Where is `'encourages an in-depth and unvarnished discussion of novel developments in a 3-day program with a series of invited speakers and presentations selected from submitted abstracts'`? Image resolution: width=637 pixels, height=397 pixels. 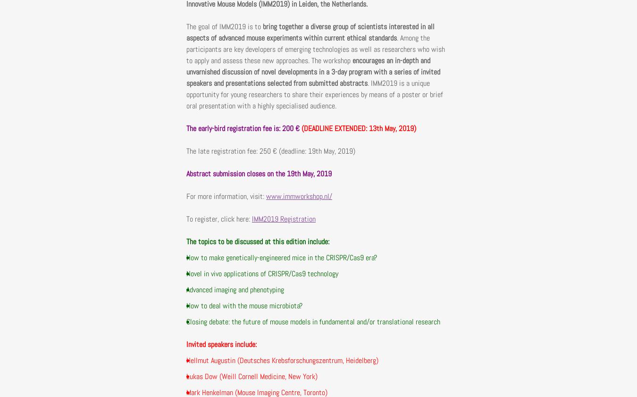 'encourages an in-depth and unvarnished discussion of novel developments in a 3-day program with a series of invited speakers and presentations selected from submitted abstracts' is located at coordinates (313, 71).